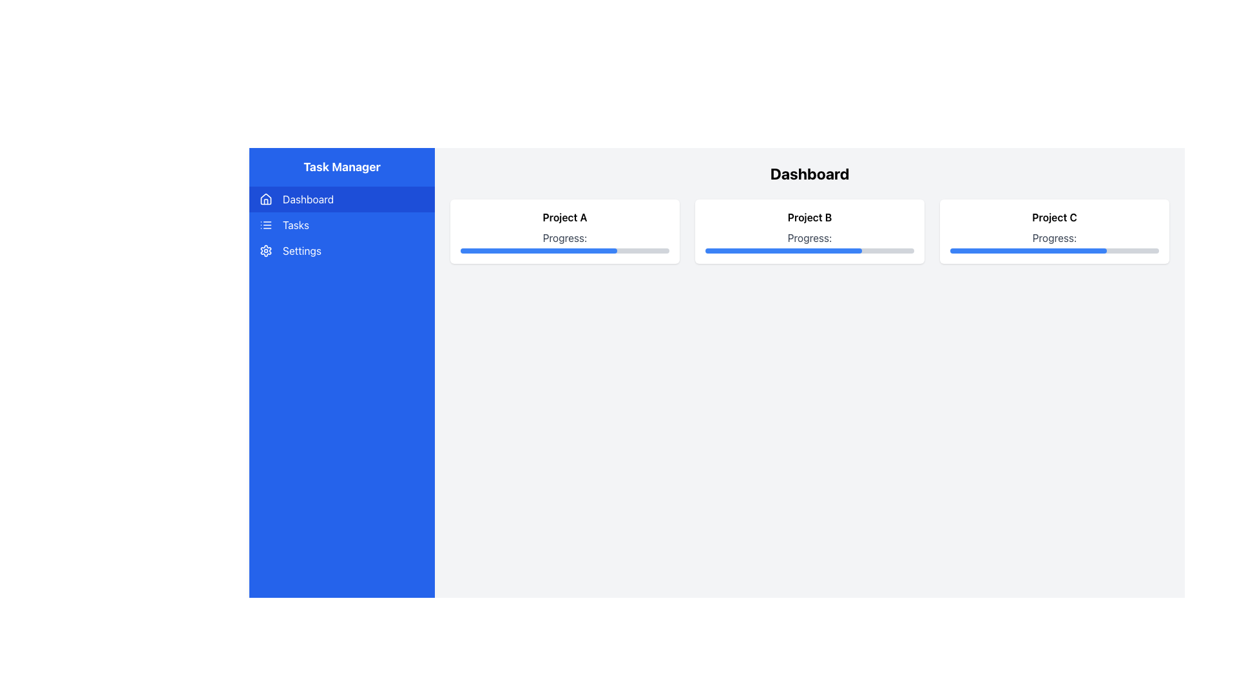 Image resolution: width=1237 pixels, height=695 pixels. Describe the element at coordinates (265, 225) in the screenshot. I see `the 'Tasks' menu icon located in the sidebar, positioned to the immediate left of the 'Tasks' label` at that location.